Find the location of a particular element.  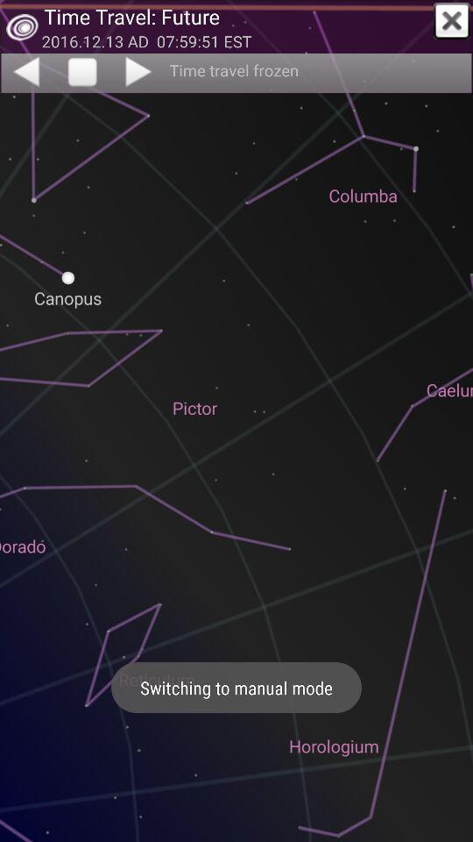

resume time travel is located at coordinates (139, 71).